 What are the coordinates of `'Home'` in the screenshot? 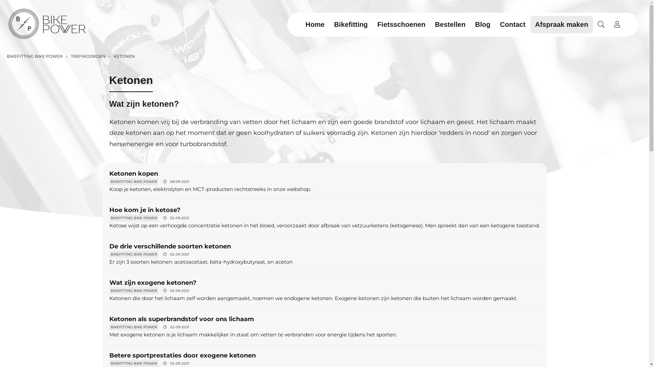 It's located at (315, 24).